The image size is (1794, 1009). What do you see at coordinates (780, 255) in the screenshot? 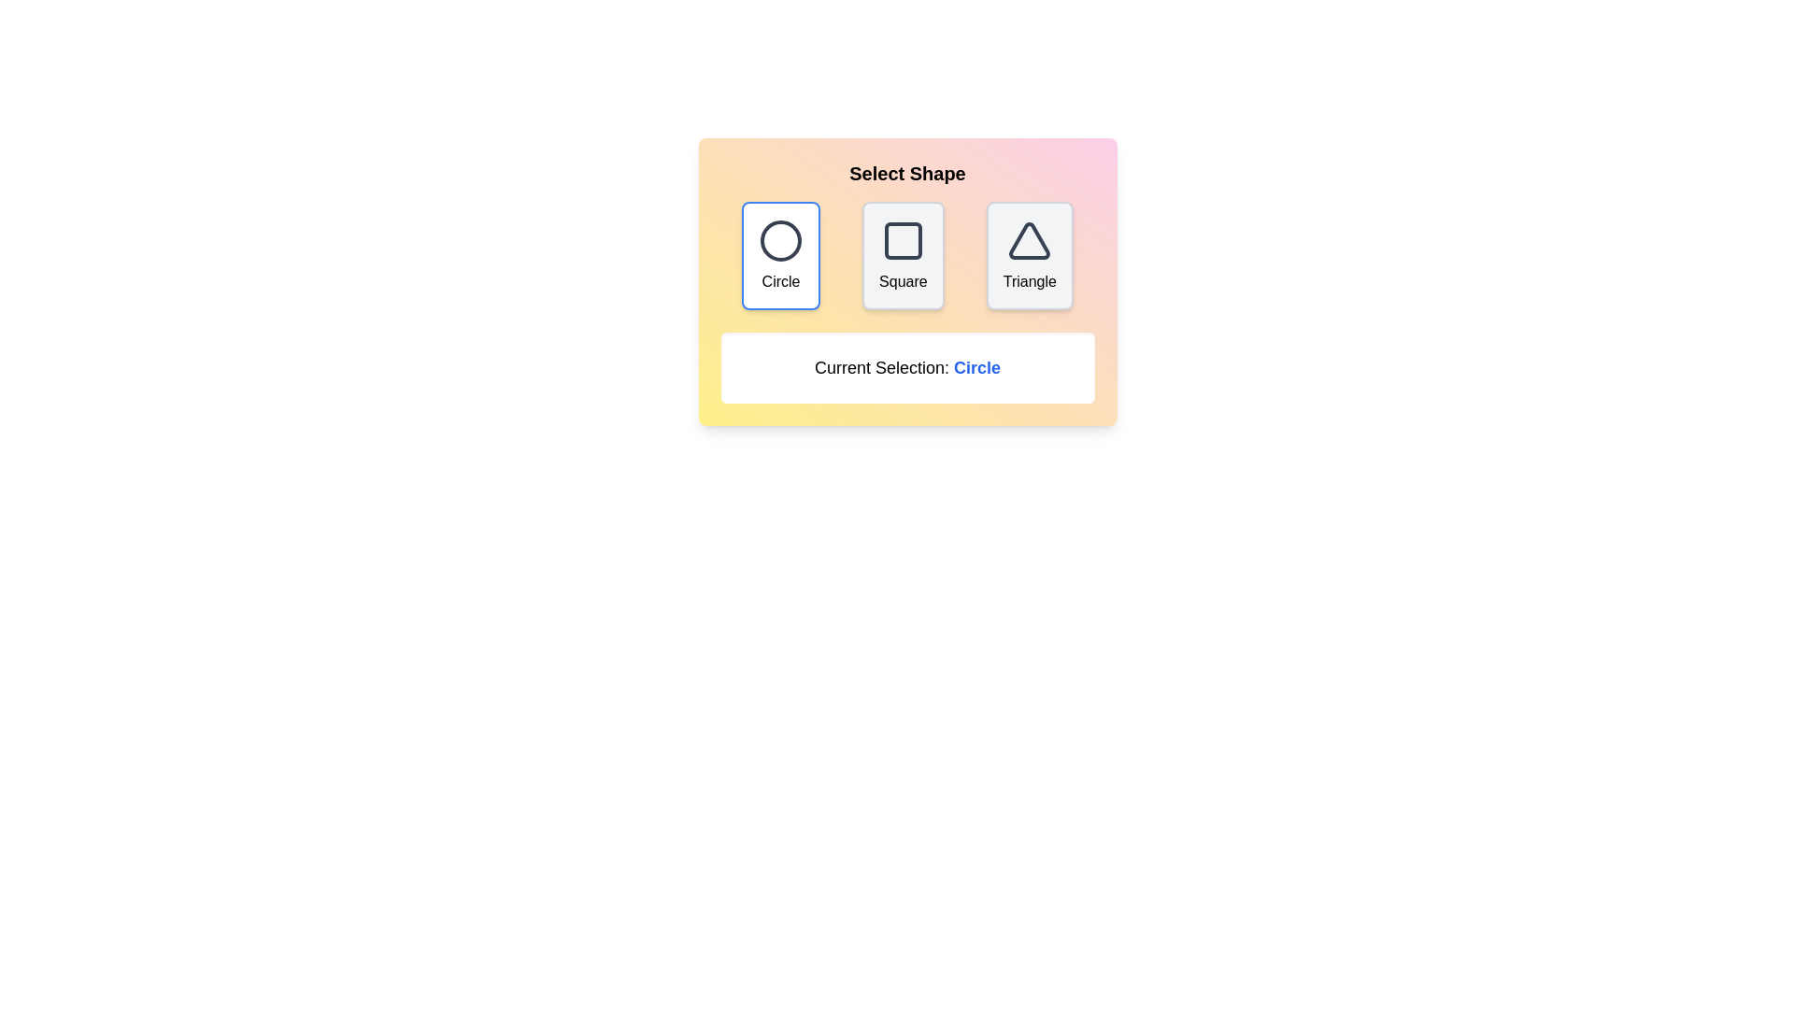
I see `the Circle button to observe hover effects` at bounding box center [780, 255].